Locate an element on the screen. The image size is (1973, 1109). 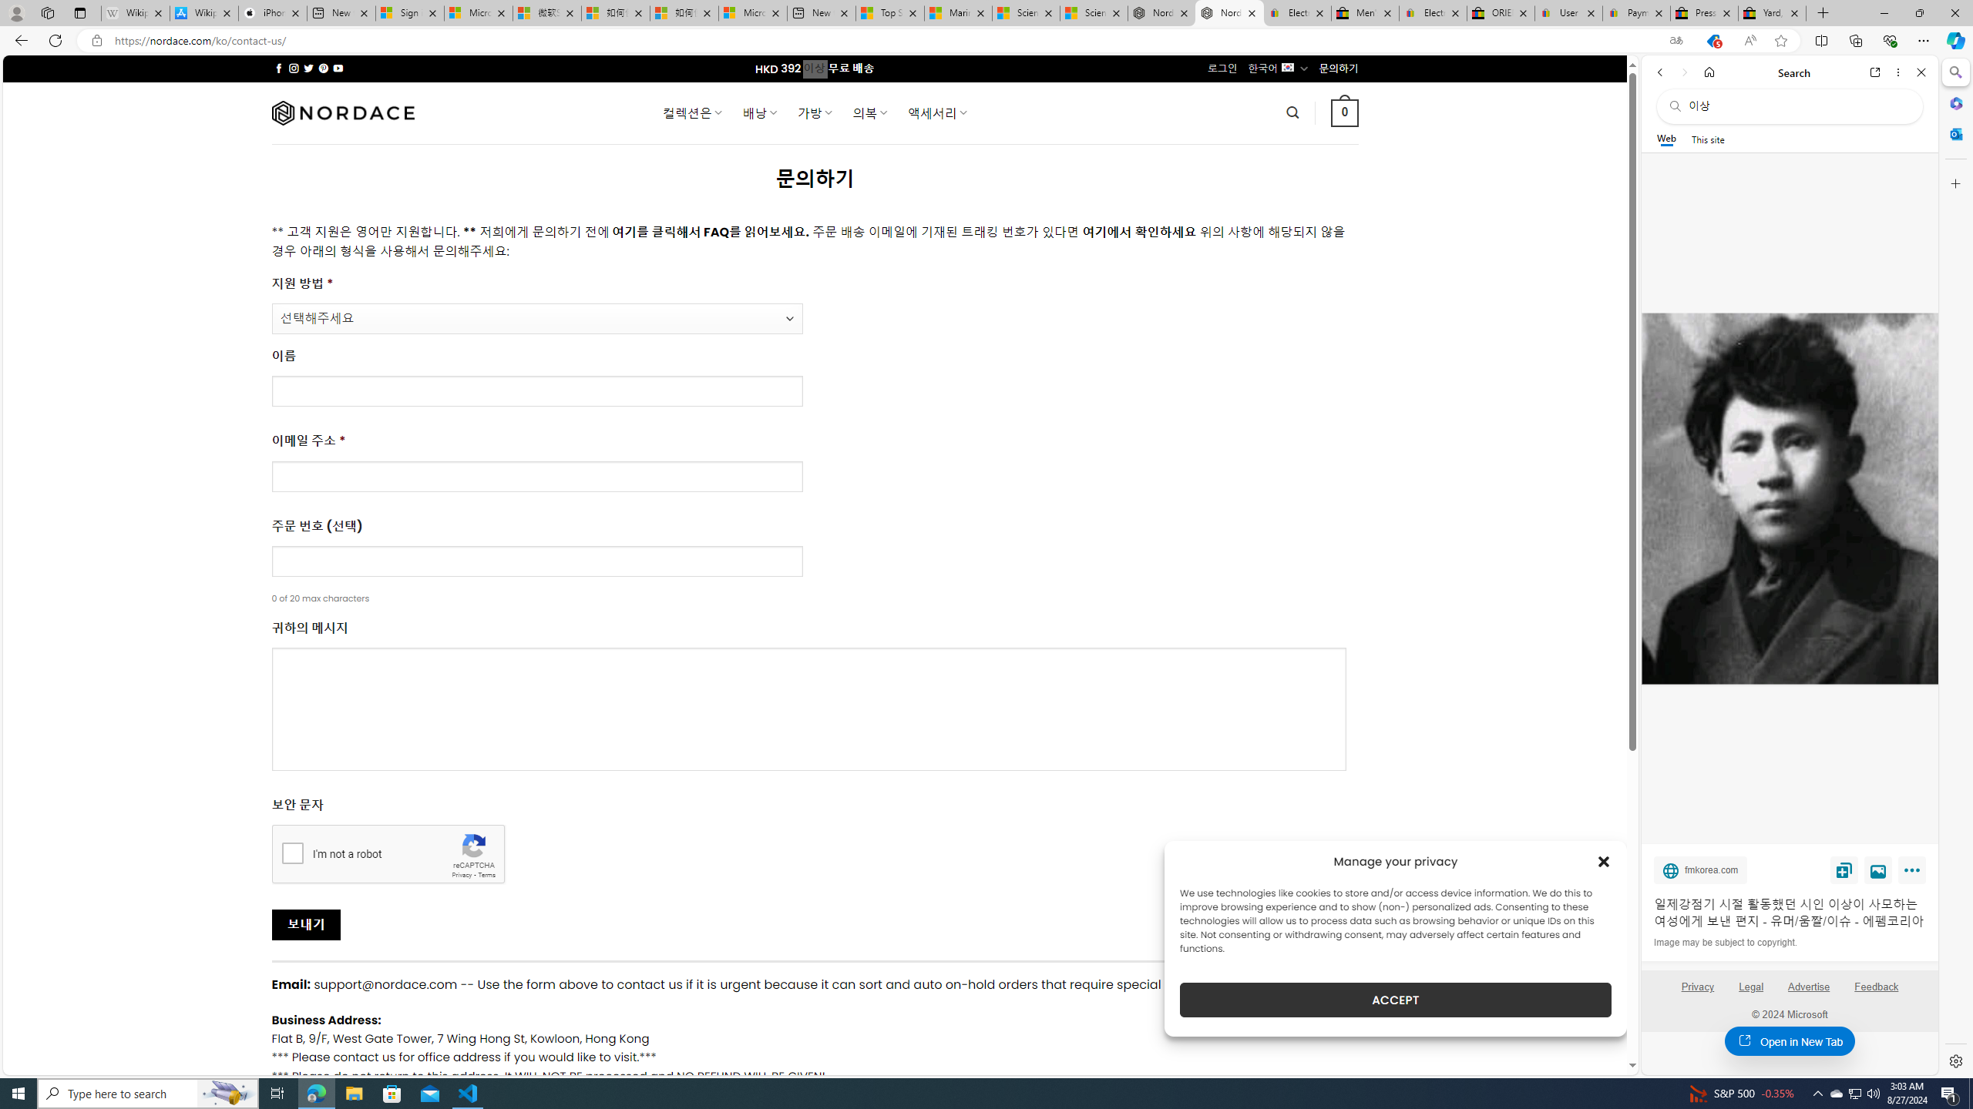
'Wikipedia - Sleeping' is located at coordinates (135, 12).